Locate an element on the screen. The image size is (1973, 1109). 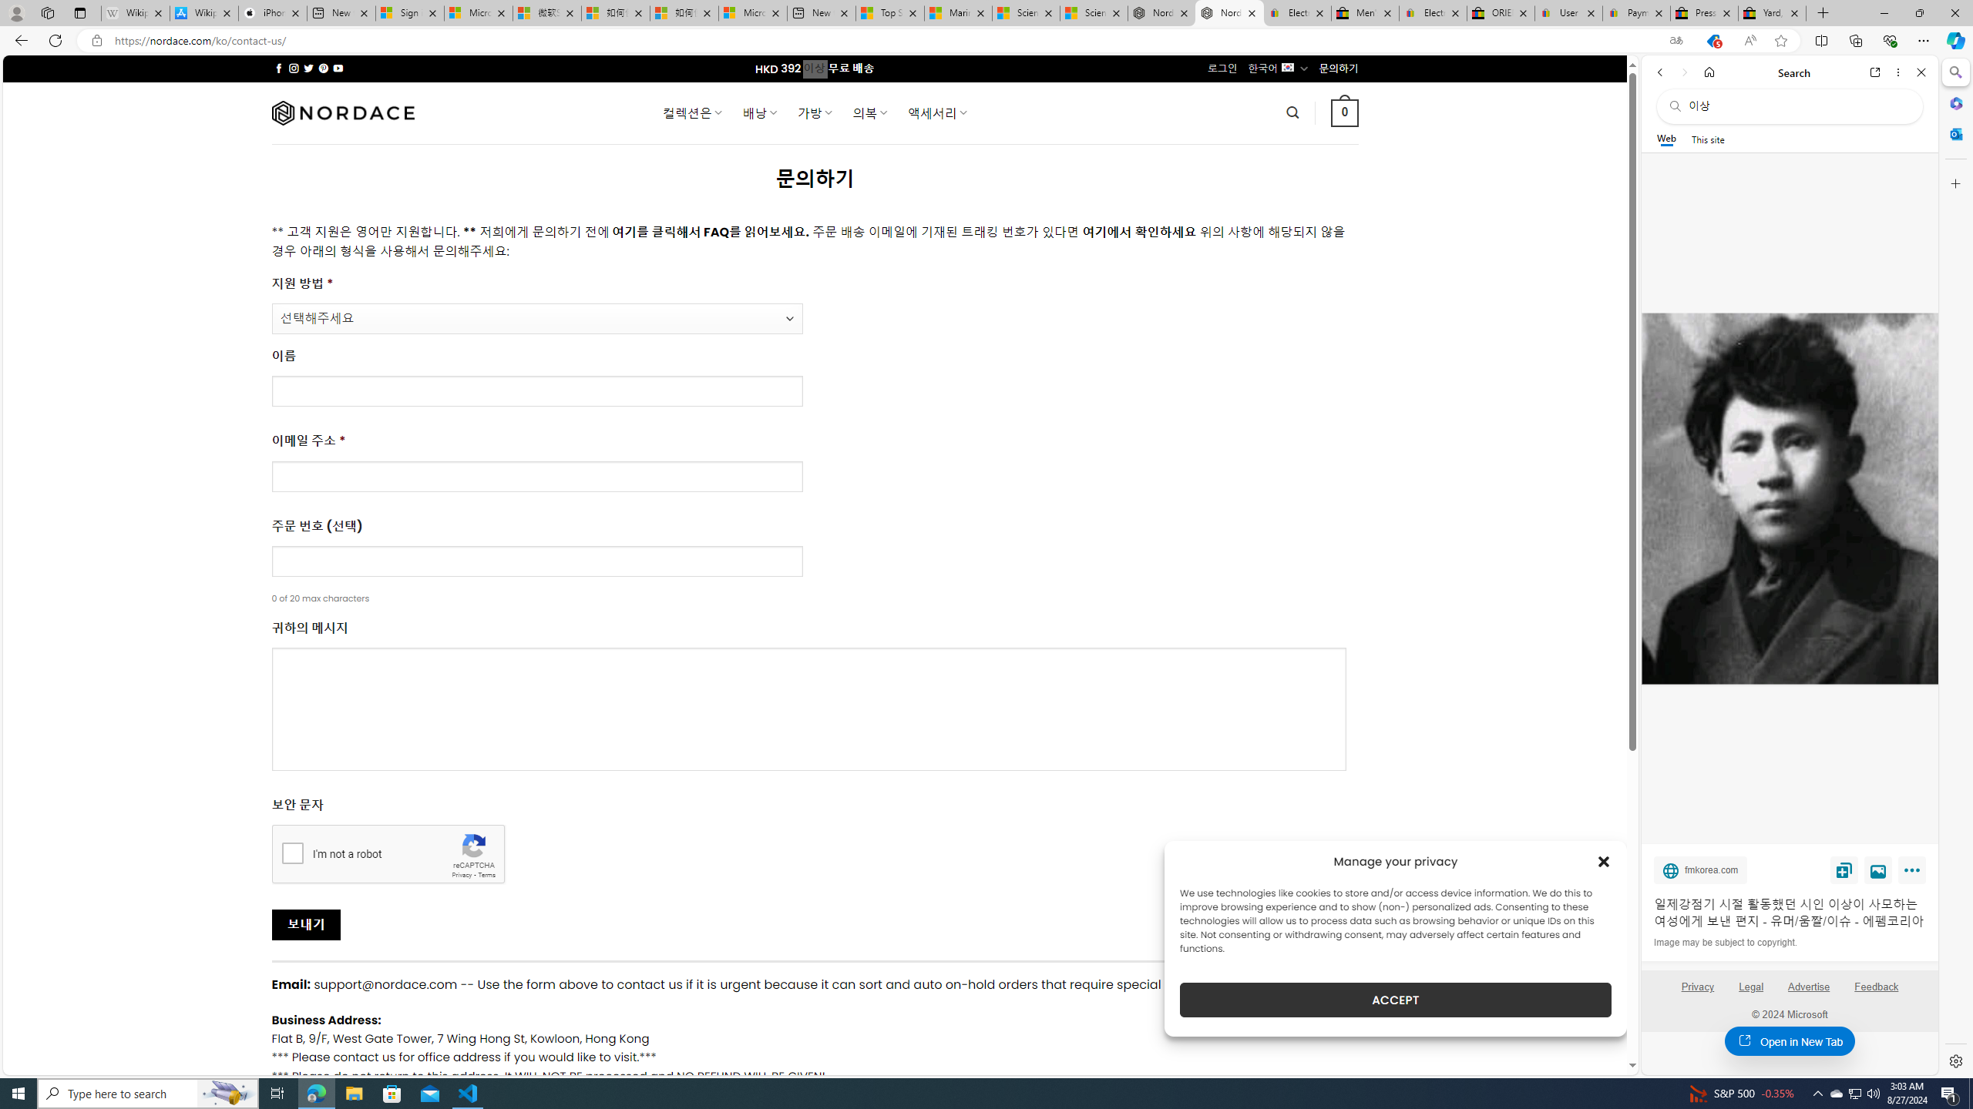
'Wikipedia - Sleeping' is located at coordinates (135, 12).